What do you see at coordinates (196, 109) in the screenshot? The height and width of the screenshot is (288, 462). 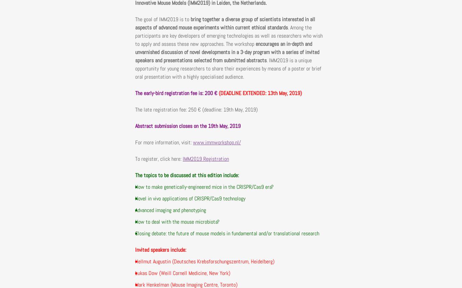 I see `'The late registration fee: 250 € (deadline: 19th May, 2019)'` at bounding box center [196, 109].